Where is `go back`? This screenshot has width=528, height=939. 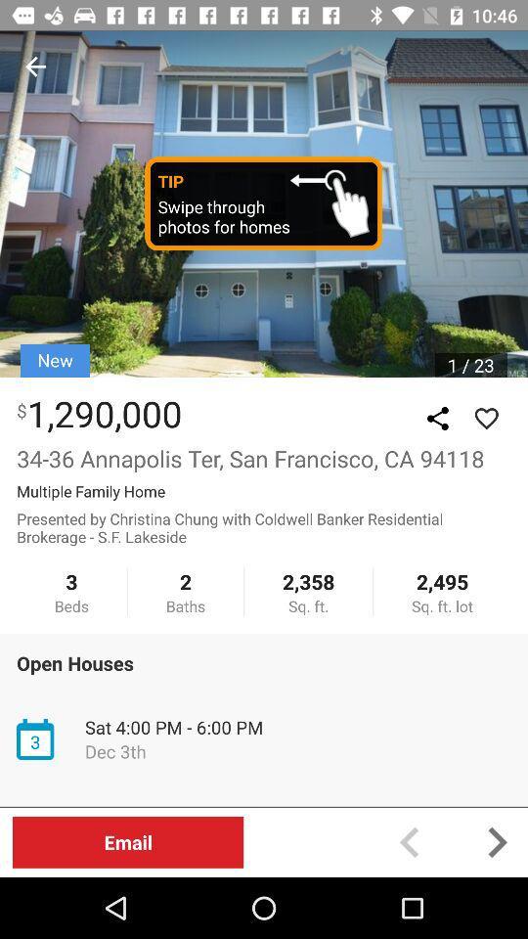
go back is located at coordinates (35, 67).